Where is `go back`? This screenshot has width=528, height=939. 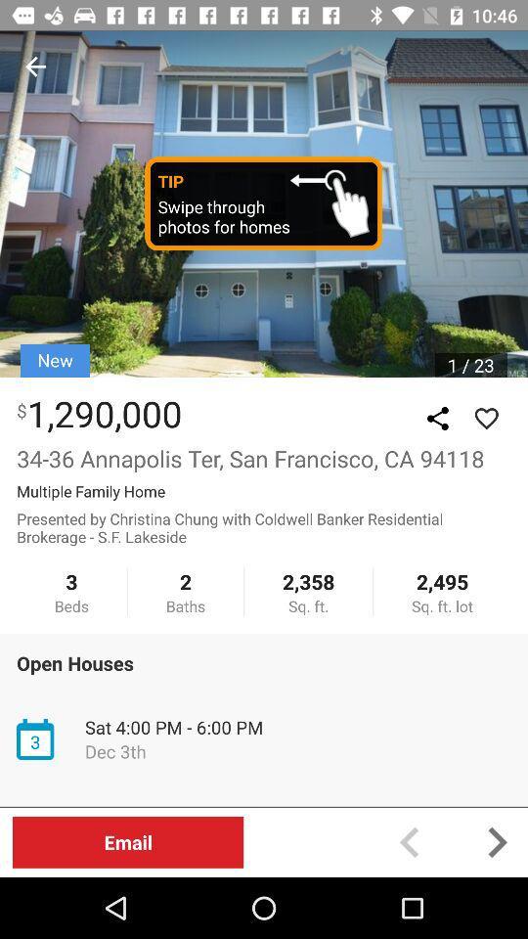
go back is located at coordinates (35, 67).